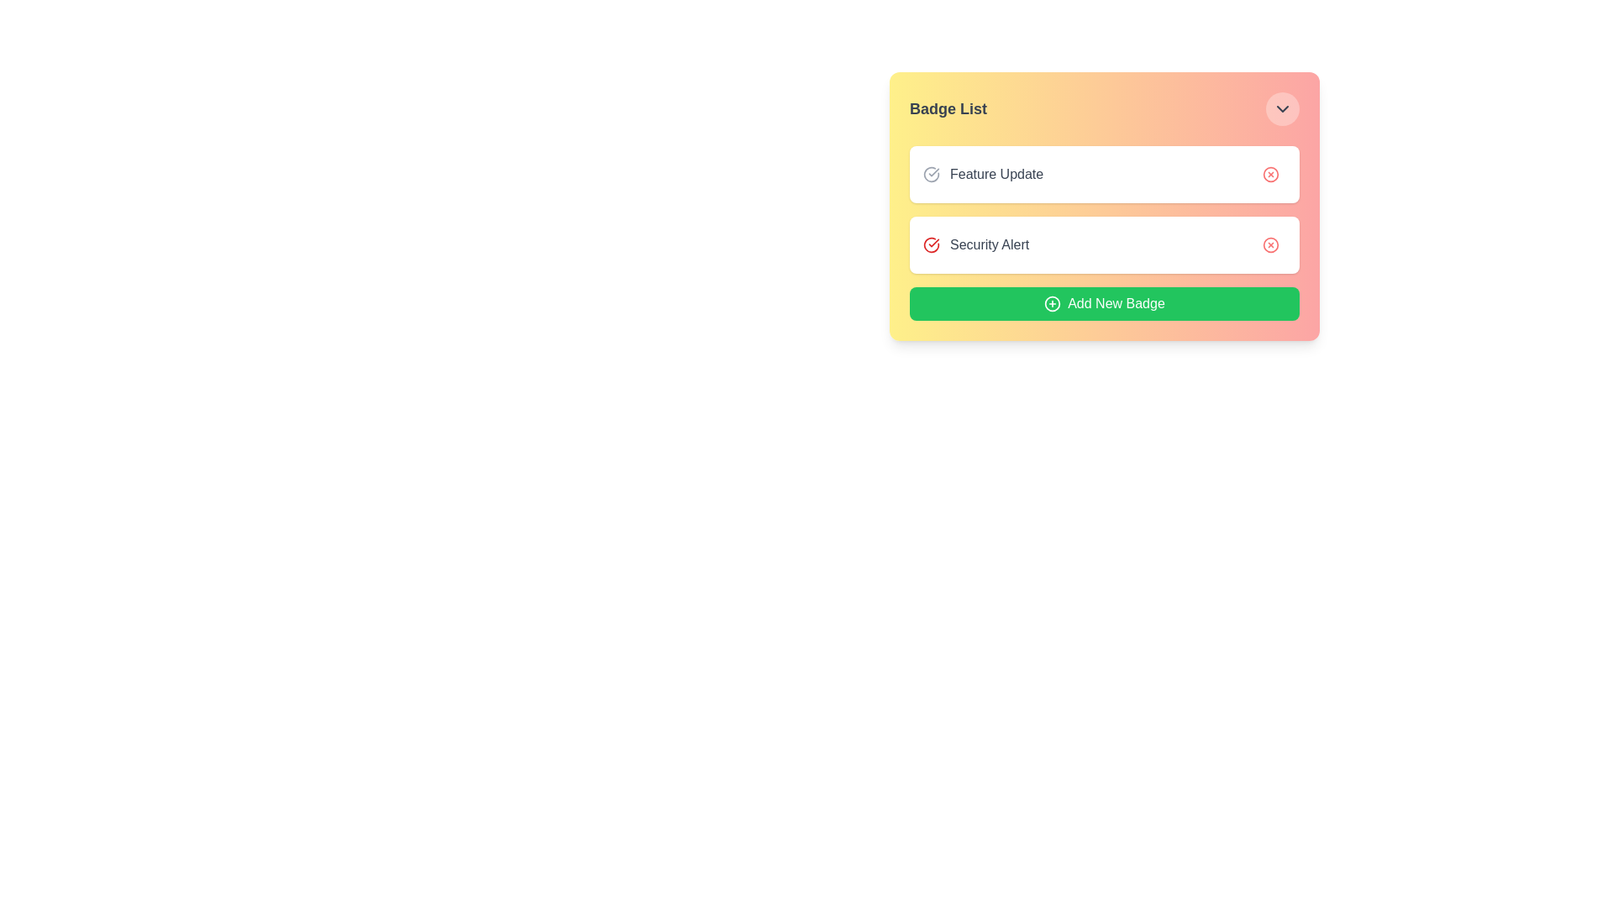  What do you see at coordinates (1270, 175) in the screenshot?
I see `the position of the circular red border SVG icon located to the right of the 'Feature Update' label` at bounding box center [1270, 175].